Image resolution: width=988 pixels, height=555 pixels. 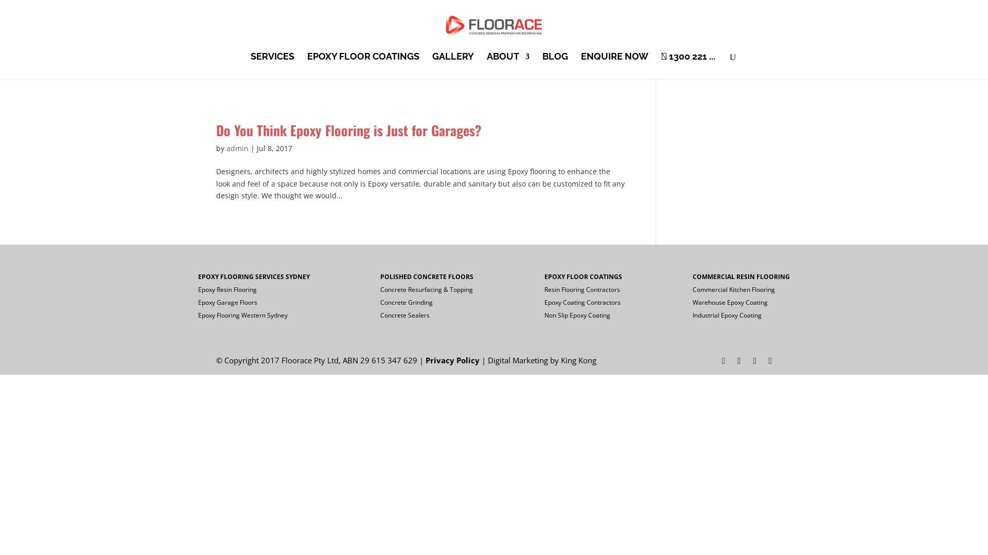 What do you see at coordinates (226, 289) in the screenshot?
I see `'Epoxy Resin Flooring'` at bounding box center [226, 289].